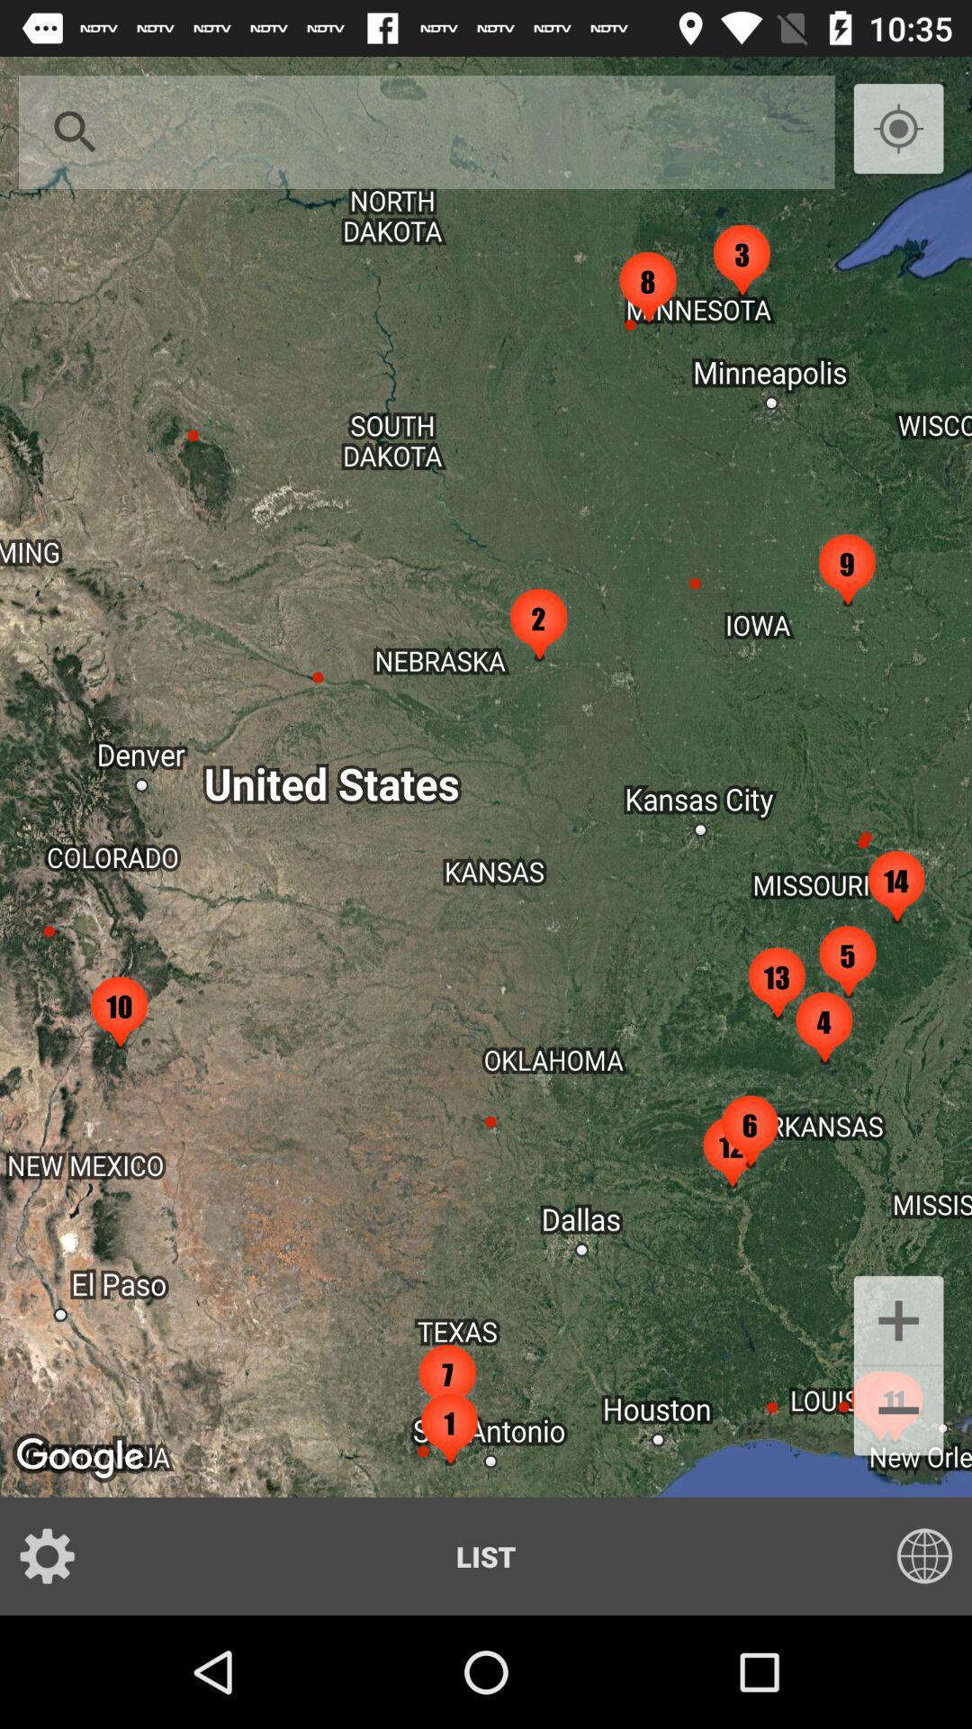  Describe the element at coordinates (486, 1555) in the screenshot. I see `the list item` at that location.